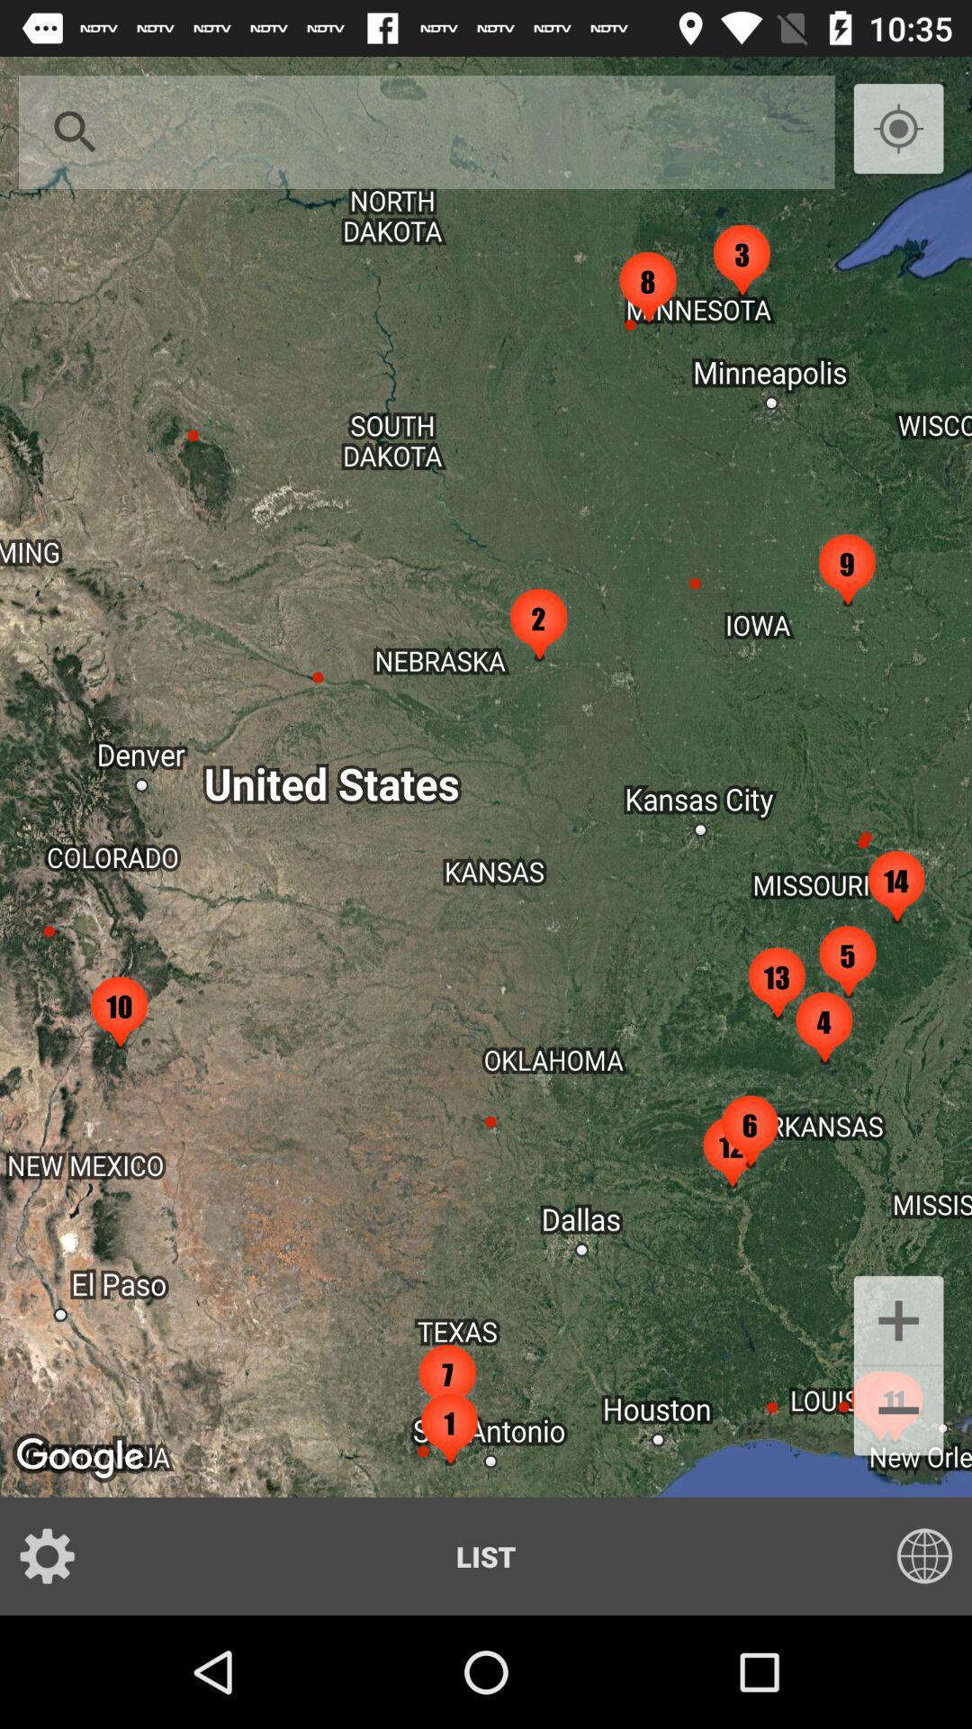  Describe the element at coordinates (486, 1555) in the screenshot. I see `the list item` at that location.